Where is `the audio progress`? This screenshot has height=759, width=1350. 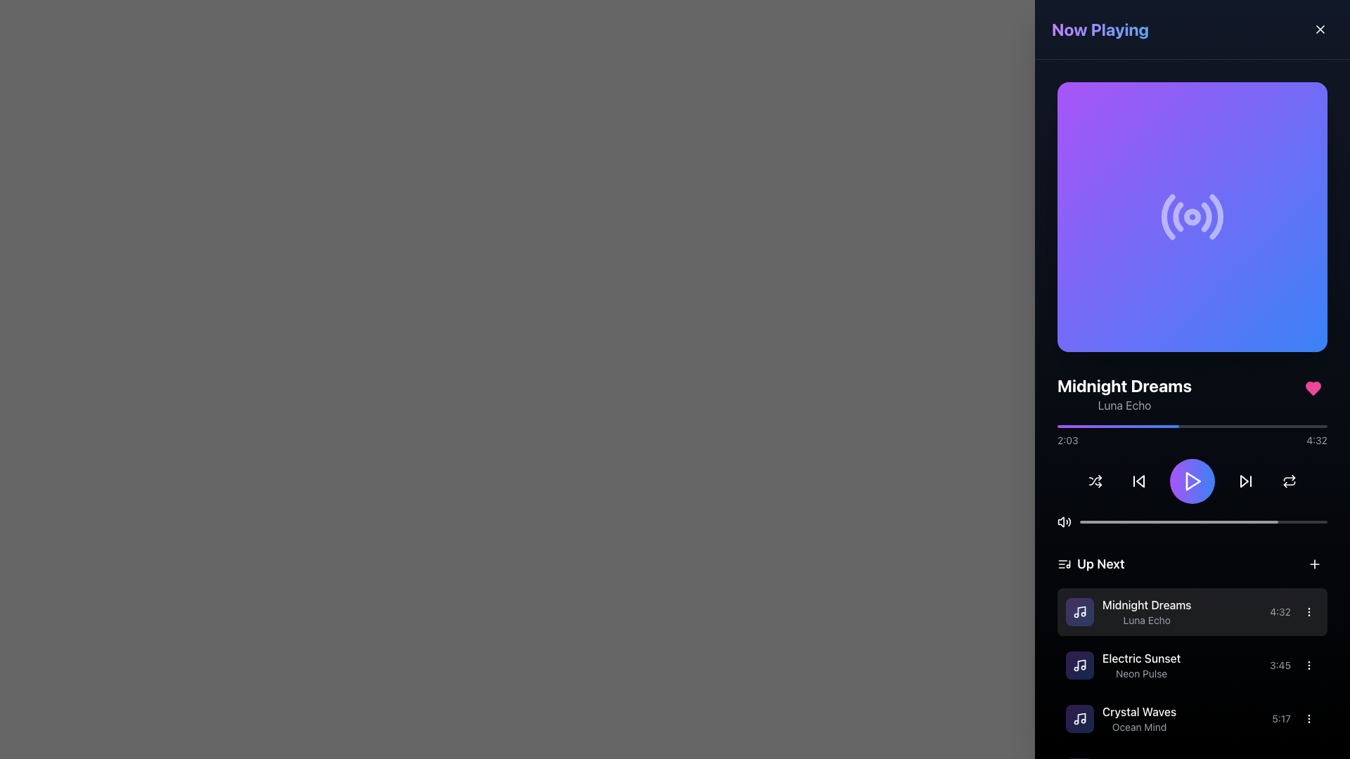 the audio progress is located at coordinates (1121, 425).